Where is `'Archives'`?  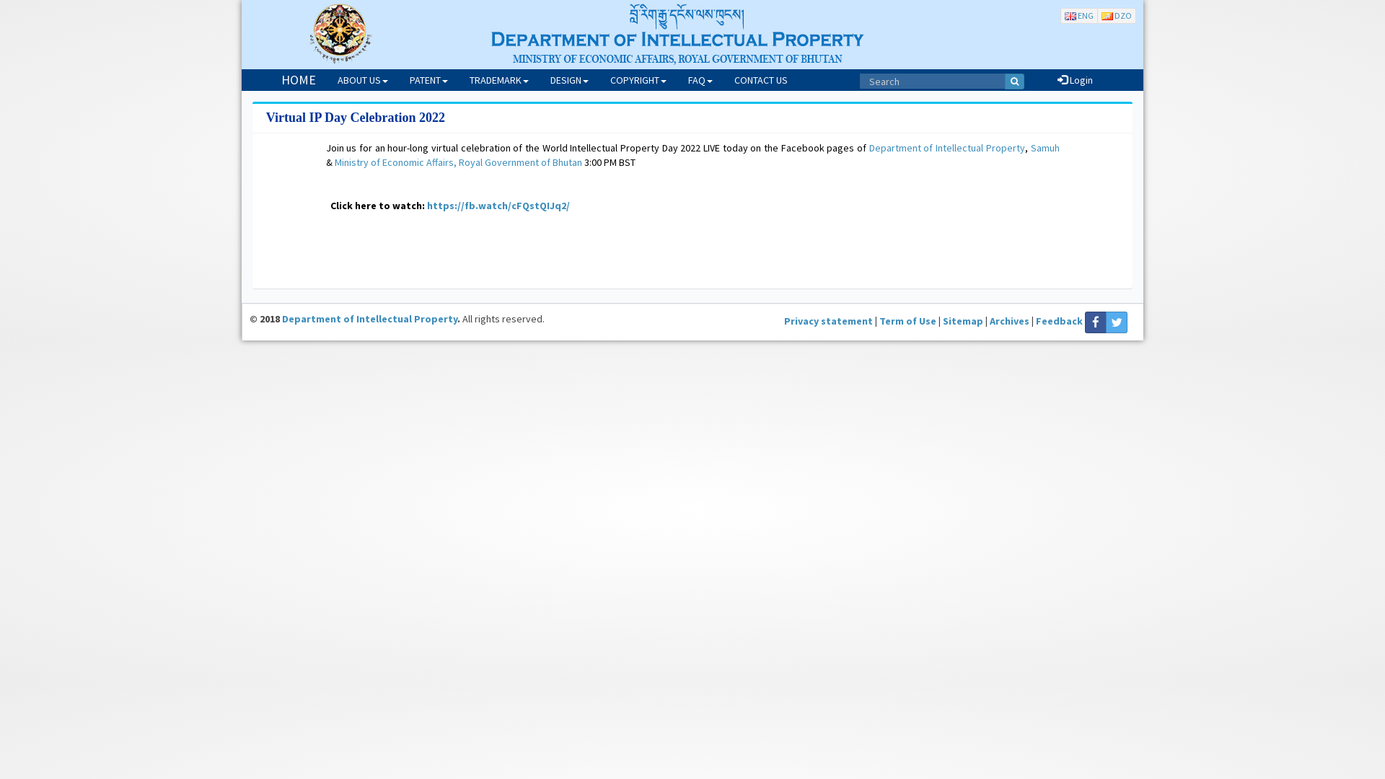 'Archives' is located at coordinates (1008, 320).